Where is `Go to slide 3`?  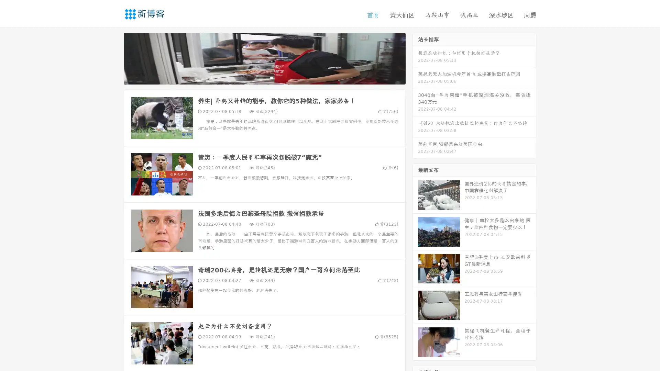 Go to slide 3 is located at coordinates (271, 77).